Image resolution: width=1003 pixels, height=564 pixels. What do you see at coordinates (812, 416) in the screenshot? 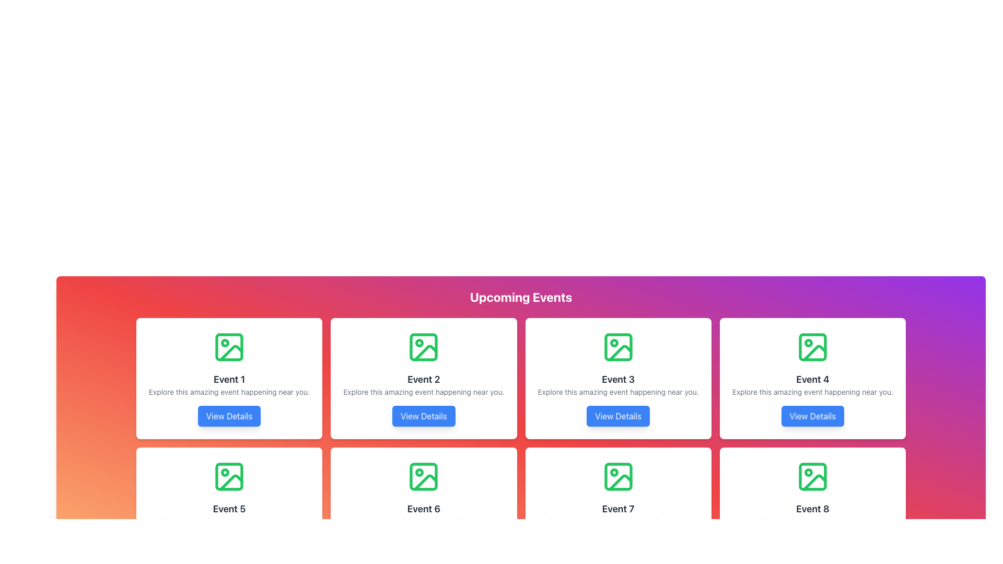
I see `the 'View Details' button with a blue background and white text, located in the fourth card of the event grid` at bounding box center [812, 416].